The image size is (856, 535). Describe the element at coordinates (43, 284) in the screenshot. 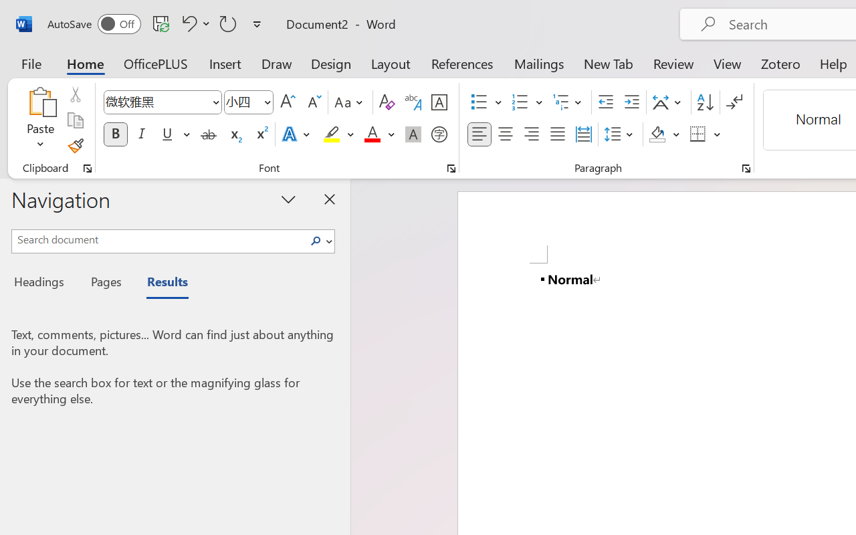

I see `'Headings'` at that location.